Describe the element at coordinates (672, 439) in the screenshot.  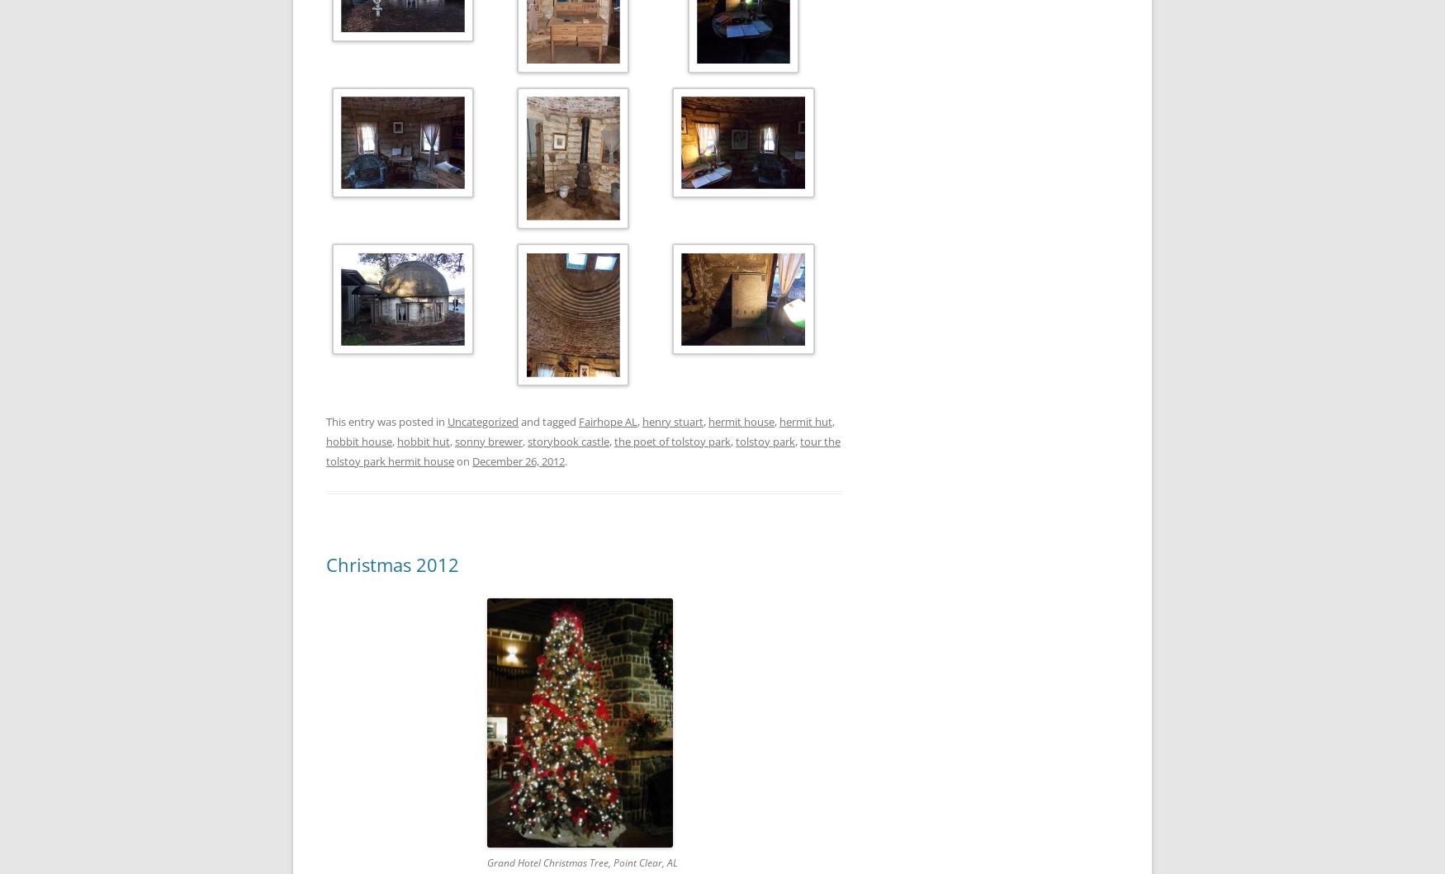
I see `'the poet of tolstoy park'` at that location.